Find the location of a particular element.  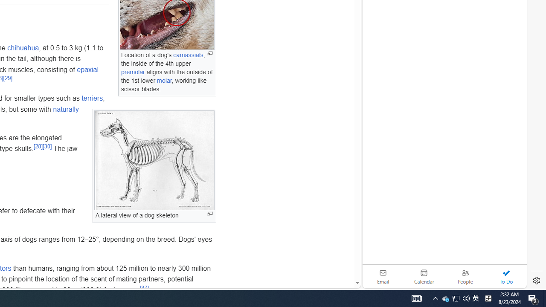

'molar' is located at coordinates (164, 80).